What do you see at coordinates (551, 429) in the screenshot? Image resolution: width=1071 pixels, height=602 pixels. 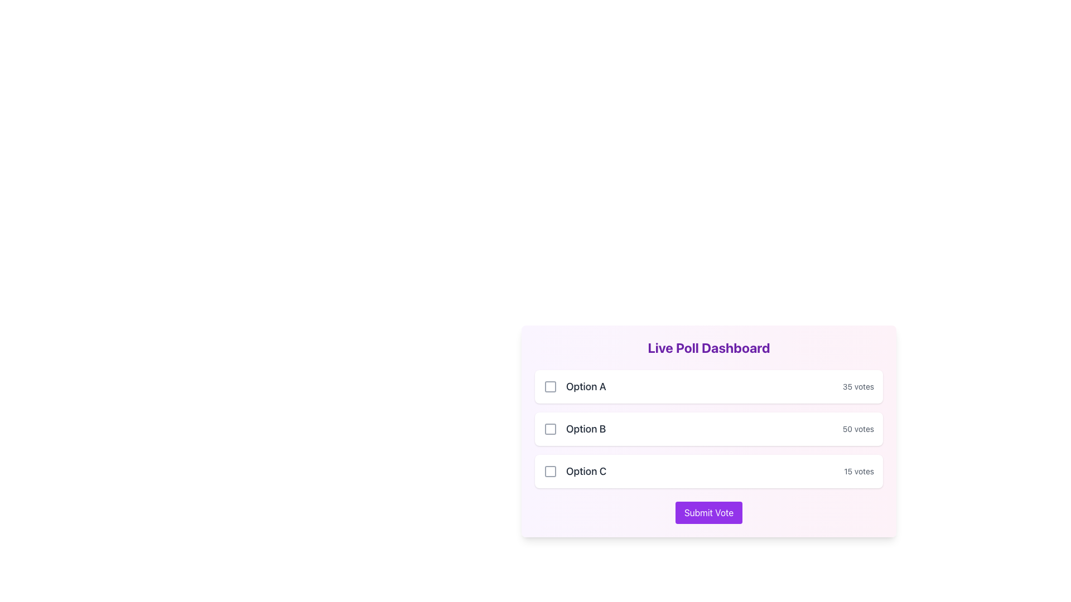 I see `the Checkbox element located to the left of the text 'Option B' in the second row of the vertical layout to trigger visual feedback` at bounding box center [551, 429].